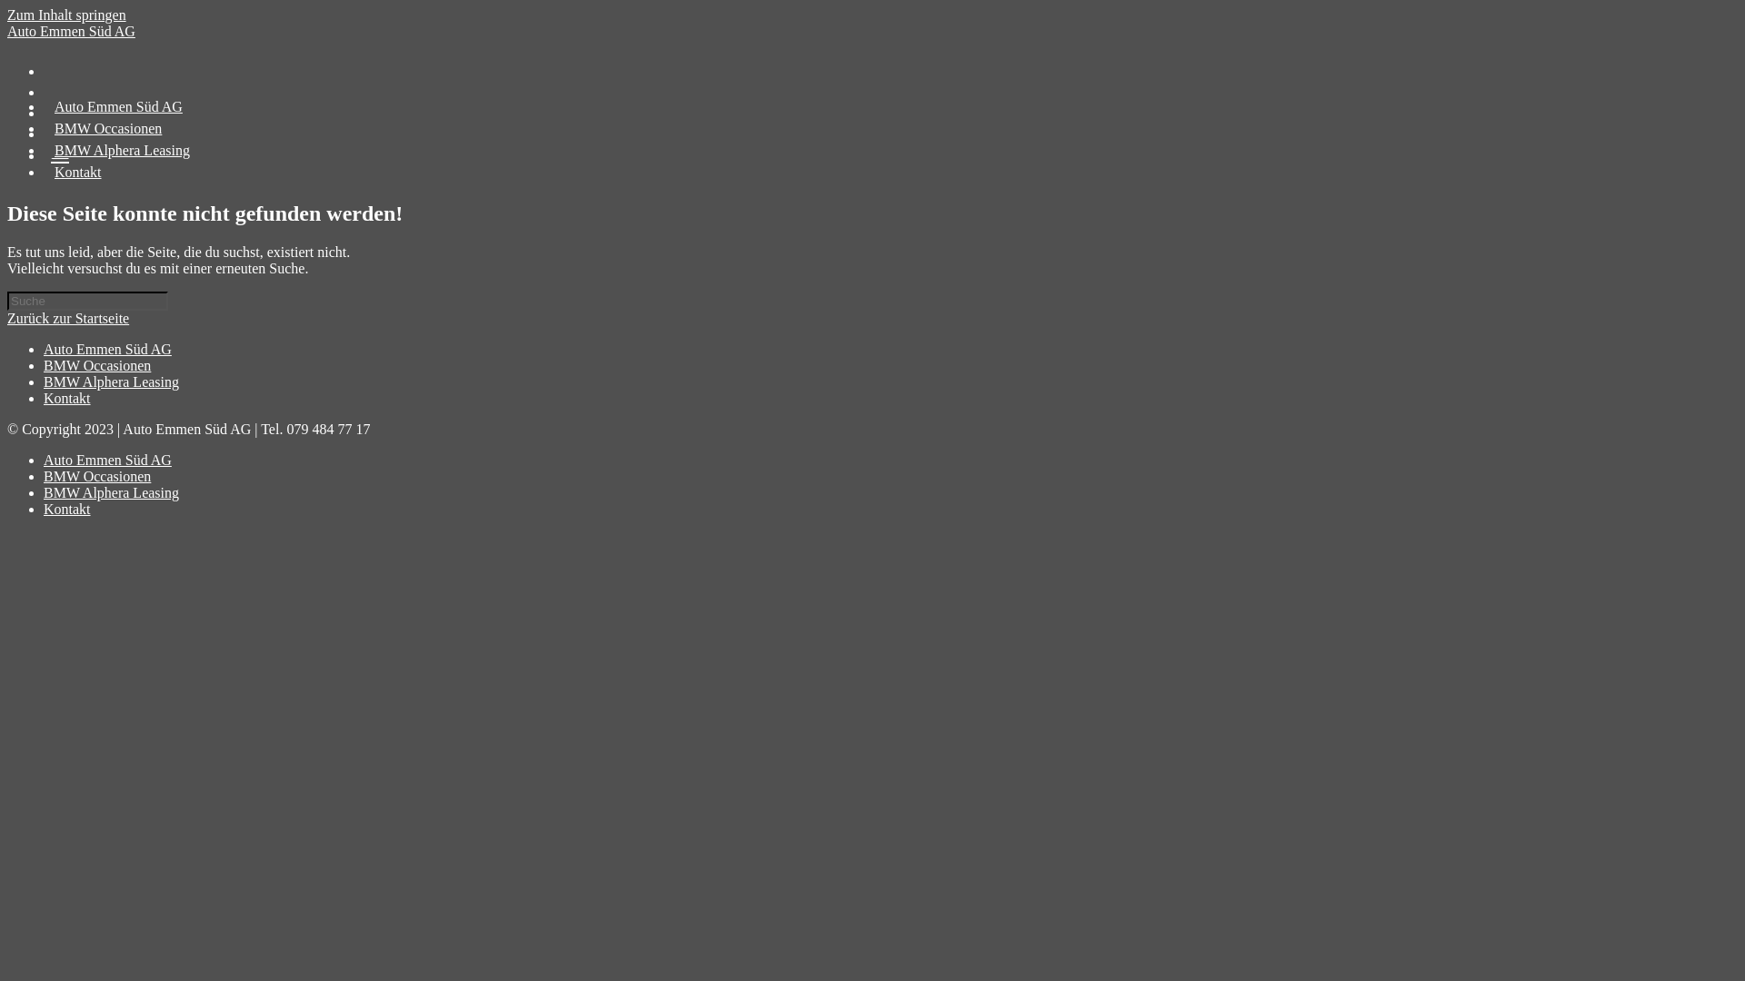 This screenshot has width=1745, height=981. What do you see at coordinates (95, 365) in the screenshot?
I see `'BMW Occasionen'` at bounding box center [95, 365].